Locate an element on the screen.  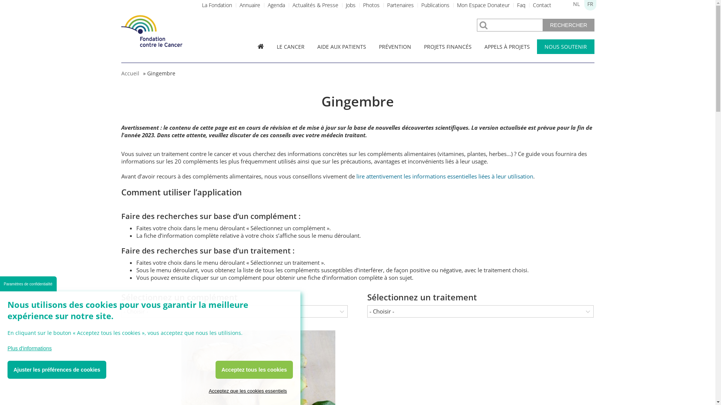
'Faq' is located at coordinates (520, 5).